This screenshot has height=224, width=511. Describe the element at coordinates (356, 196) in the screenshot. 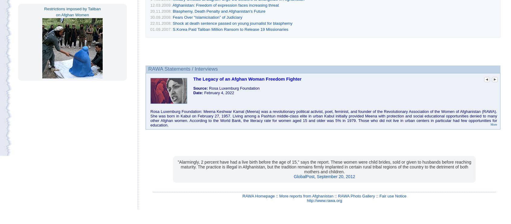

I see `'RAWA Photo Gallery'` at that location.